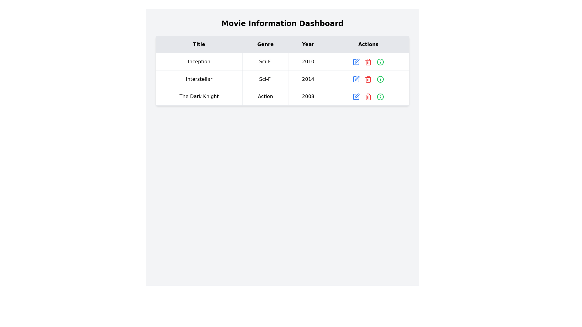 This screenshot has height=327, width=582. What do you see at coordinates (368, 79) in the screenshot?
I see `the trash can icon` at bounding box center [368, 79].